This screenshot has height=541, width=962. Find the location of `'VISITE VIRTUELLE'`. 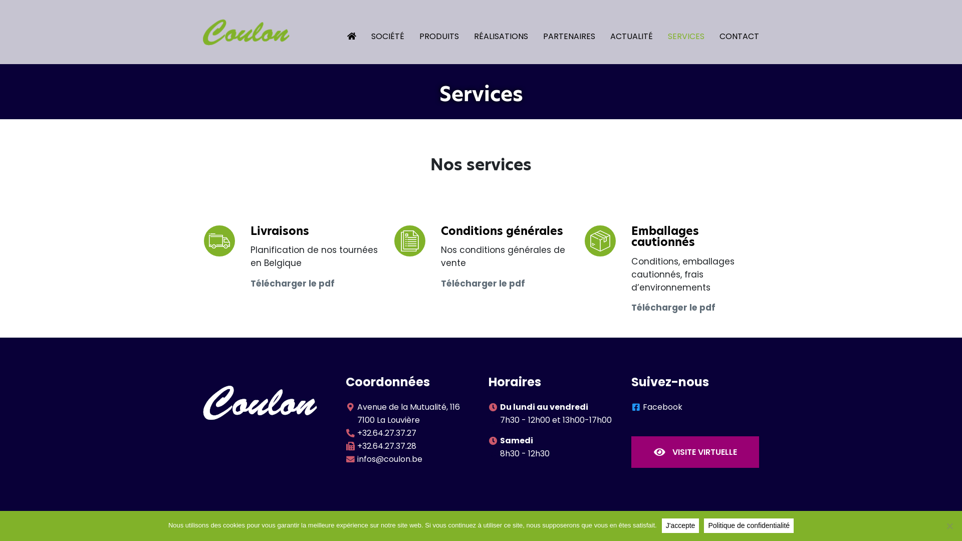

'VISITE VIRTUELLE' is located at coordinates (694, 452).